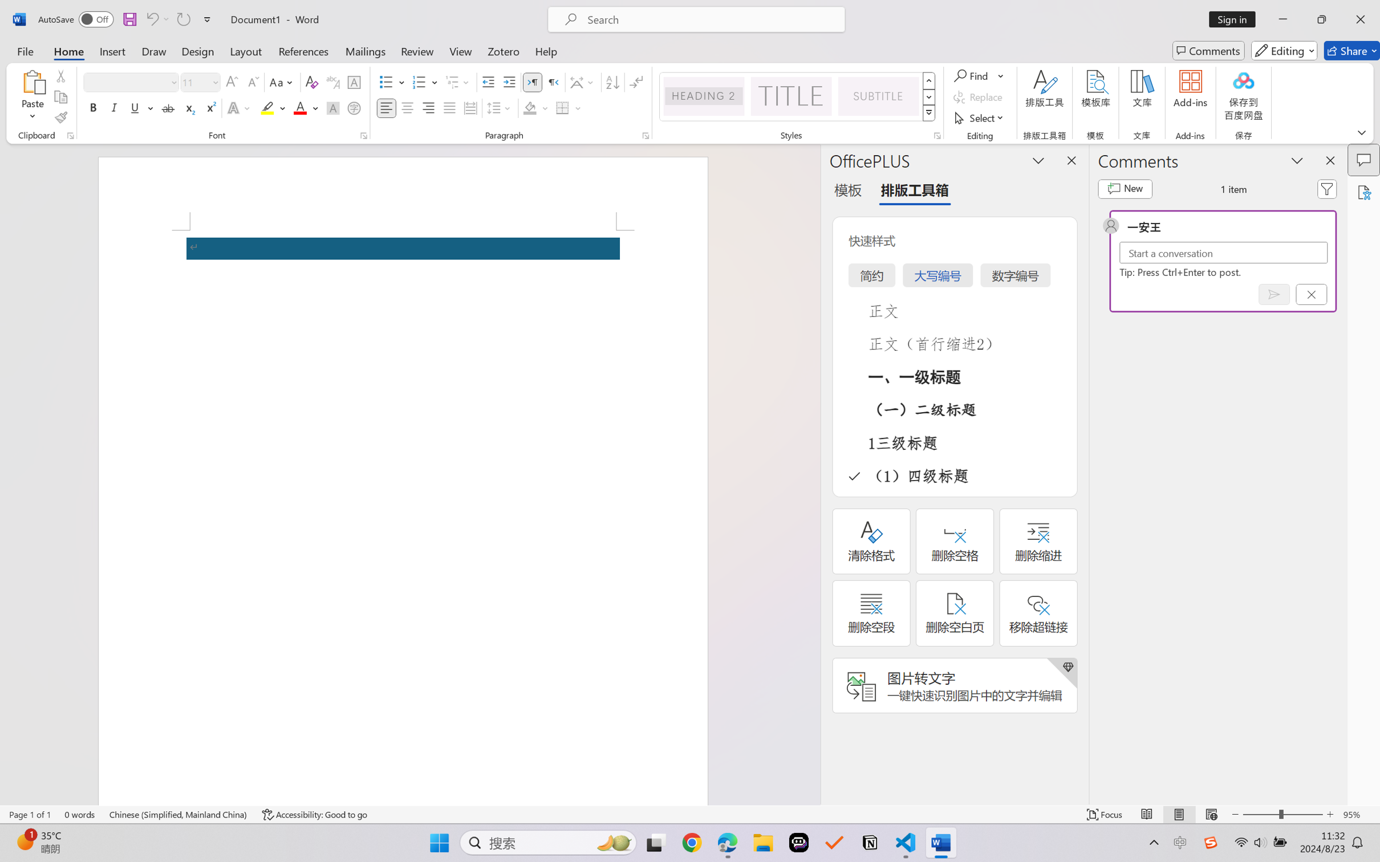 The width and height of the screenshot is (1380, 862). Describe the element at coordinates (1327, 189) in the screenshot. I see `'Filter'` at that location.